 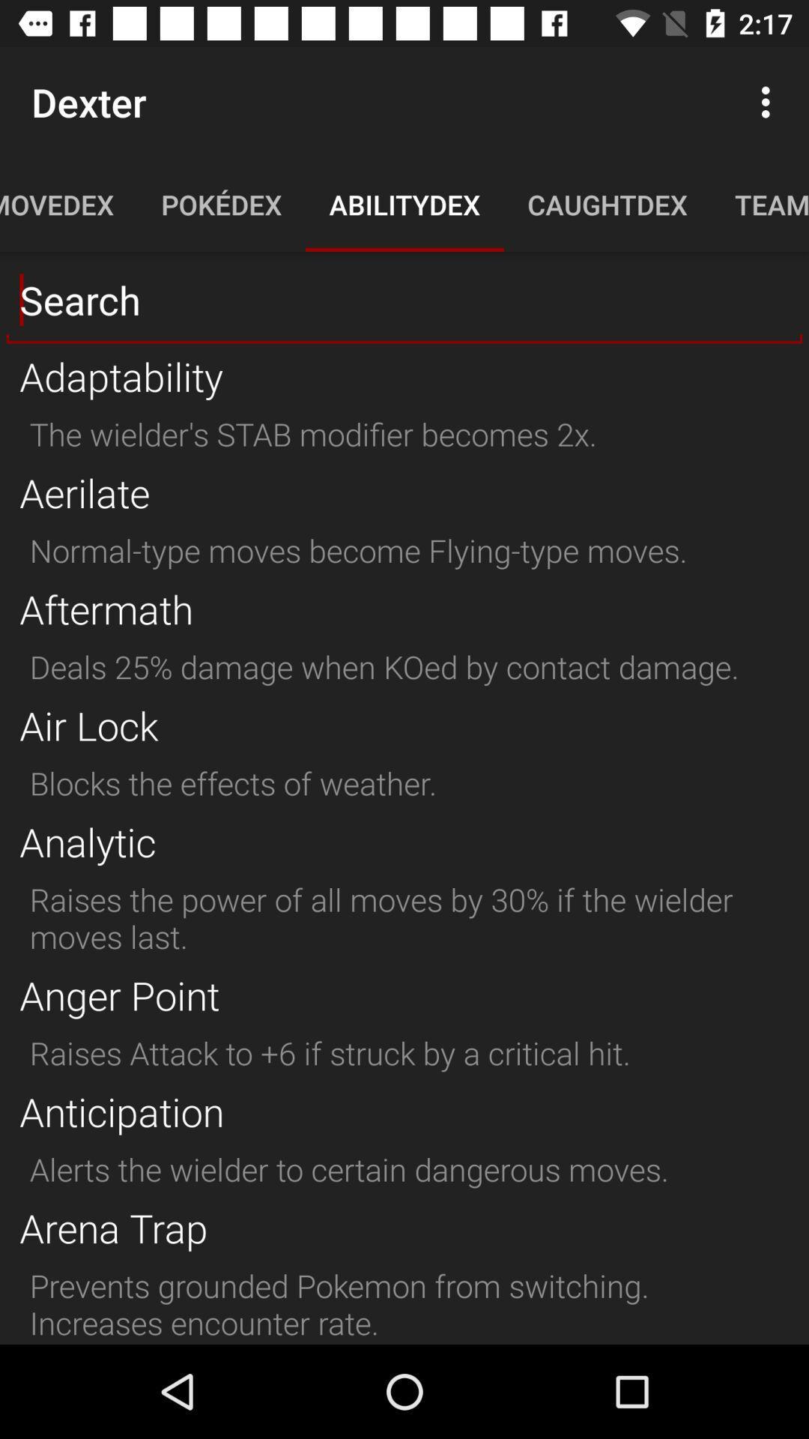 What do you see at coordinates (769, 101) in the screenshot?
I see `the item above the teamdex` at bounding box center [769, 101].